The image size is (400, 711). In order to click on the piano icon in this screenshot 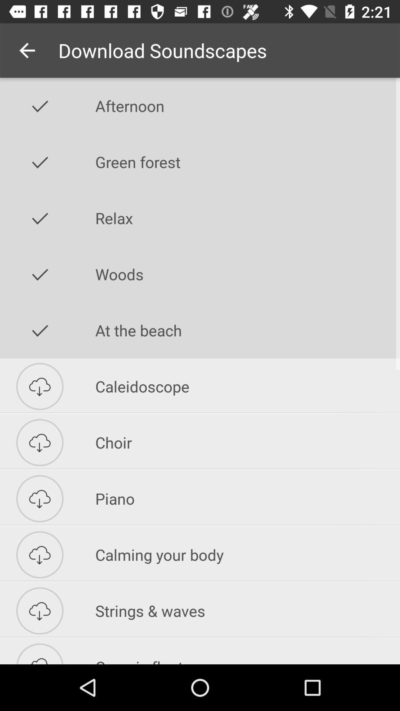, I will do `click(247, 498)`.